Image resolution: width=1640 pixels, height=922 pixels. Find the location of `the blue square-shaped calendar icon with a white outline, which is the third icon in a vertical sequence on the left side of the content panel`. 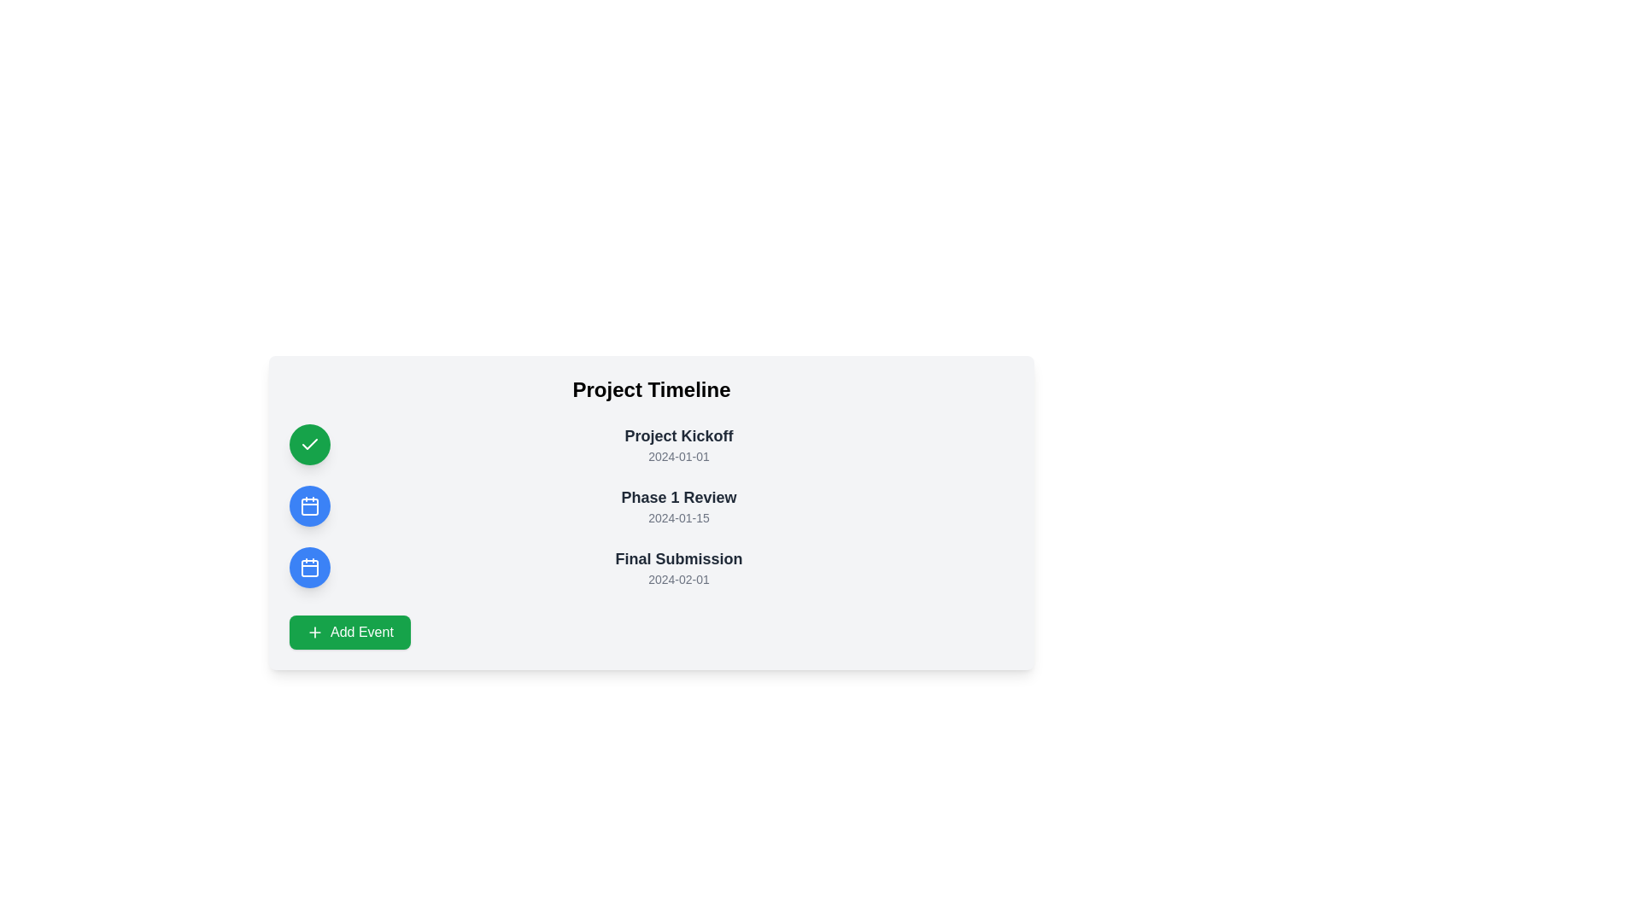

the blue square-shaped calendar icon with a white outline, which is the third icon in a vertical sequence on the left side of the content panel is located at coordinates (310, 567).